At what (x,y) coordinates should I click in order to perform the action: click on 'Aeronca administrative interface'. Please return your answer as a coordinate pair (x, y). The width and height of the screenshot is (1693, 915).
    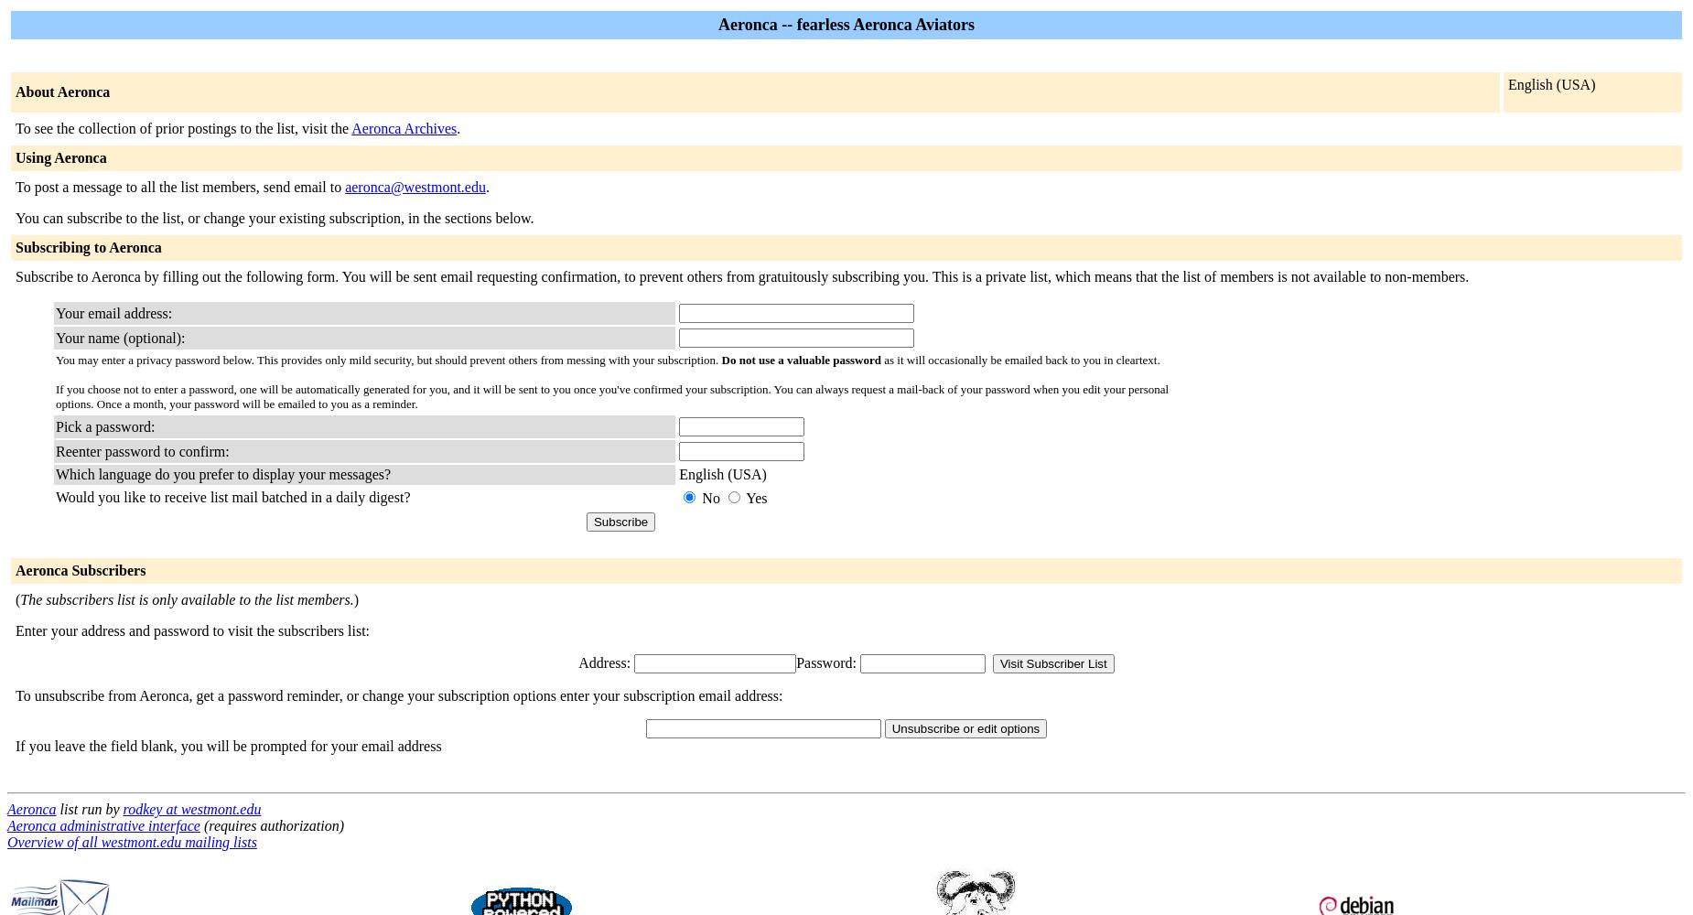
    Looking at the image, I should click on (102, 825).